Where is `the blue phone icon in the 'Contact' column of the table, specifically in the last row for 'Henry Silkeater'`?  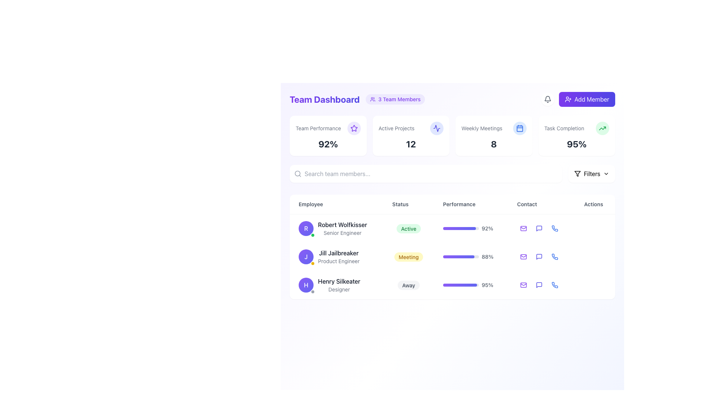
the blue phone icon in the 'Contact' column of the table, specifically in the last row for 'Henry Silkeater' is located at coordinates (554, 228).